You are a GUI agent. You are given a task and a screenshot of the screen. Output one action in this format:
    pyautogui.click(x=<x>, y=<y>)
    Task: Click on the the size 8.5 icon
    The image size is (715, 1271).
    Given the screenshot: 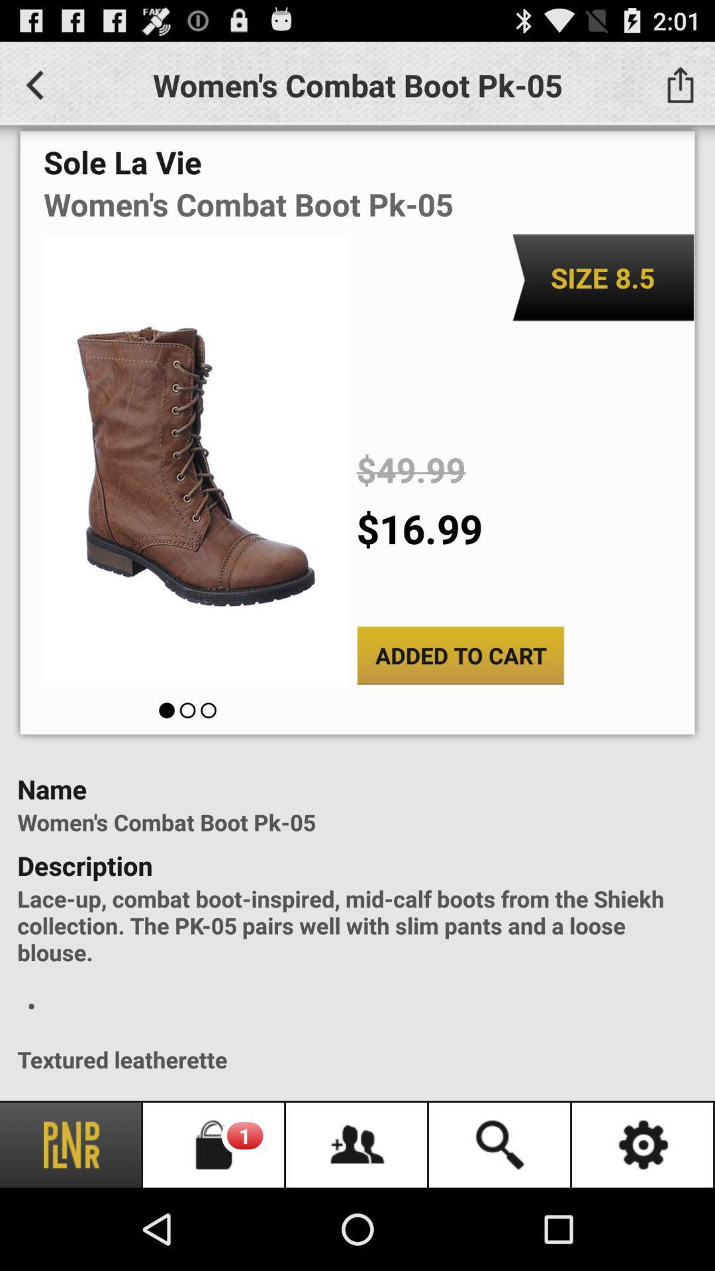 What is the action you would take?
    pyautogui.click(x=602, y=277)
    